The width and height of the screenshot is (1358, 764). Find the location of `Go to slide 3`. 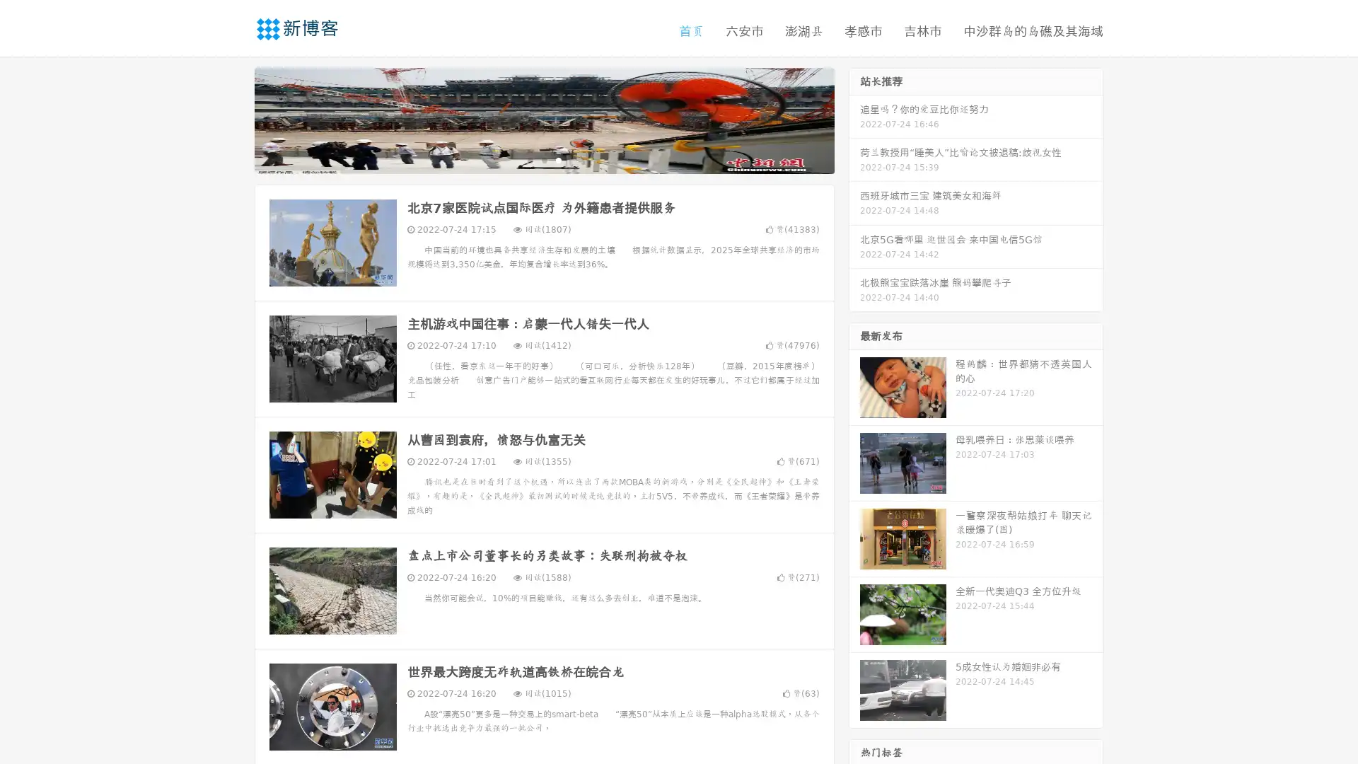

Go to slide 3 is located at coordinates (558, 159).